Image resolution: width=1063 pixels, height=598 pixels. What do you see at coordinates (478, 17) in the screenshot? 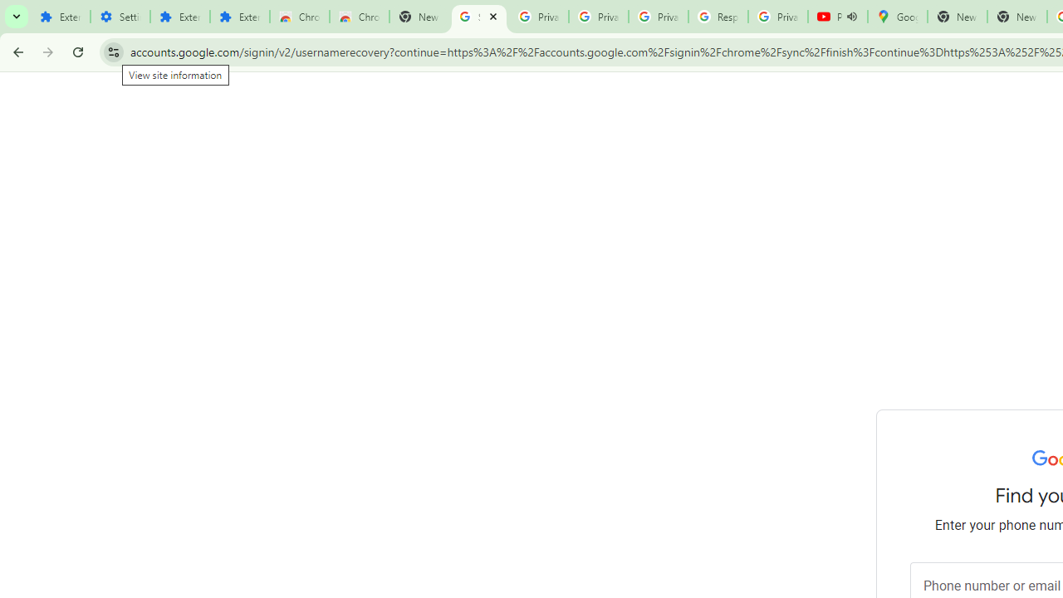
I see `'Sign in - Google Accounts'` at bounding box center [478, 17].